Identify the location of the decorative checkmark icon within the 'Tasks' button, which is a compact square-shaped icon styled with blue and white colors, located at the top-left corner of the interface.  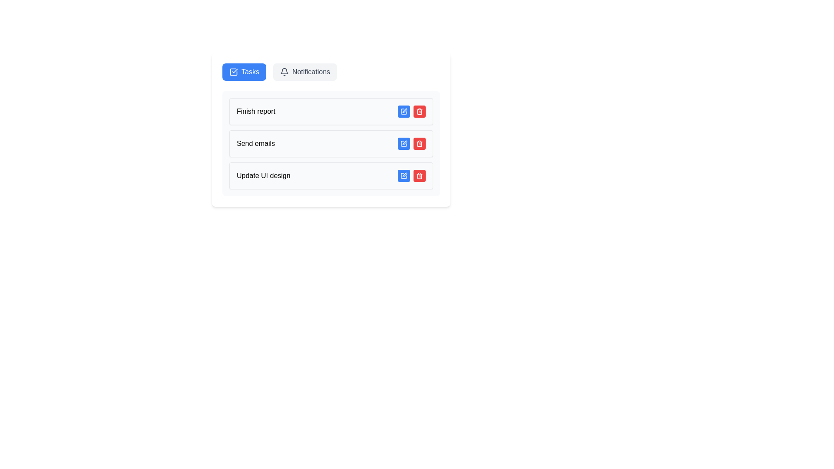
(233, 71).